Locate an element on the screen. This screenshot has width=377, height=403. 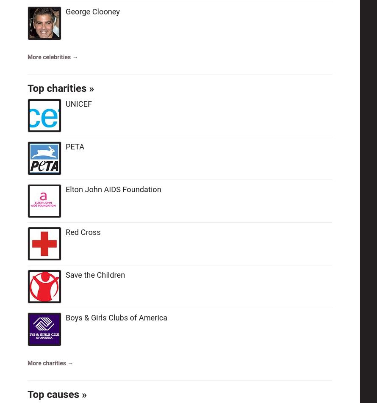
'Elton John AIDS Foundation' is located at coordinates (113, 189).